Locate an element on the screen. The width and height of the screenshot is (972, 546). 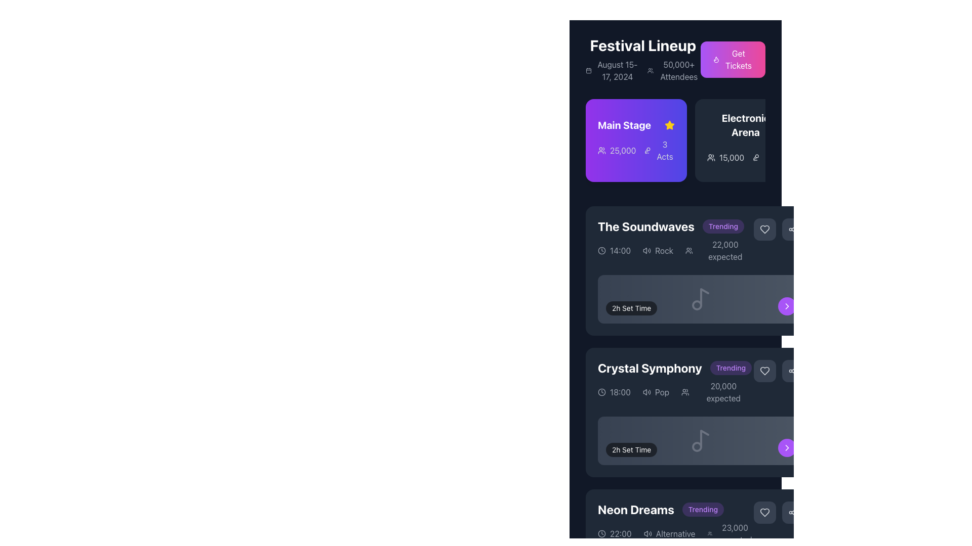
the clock icon displaying the time '18:00' to associate it with the event details in the 'Crystal Symphony' card is located at coordinates (614, 391).